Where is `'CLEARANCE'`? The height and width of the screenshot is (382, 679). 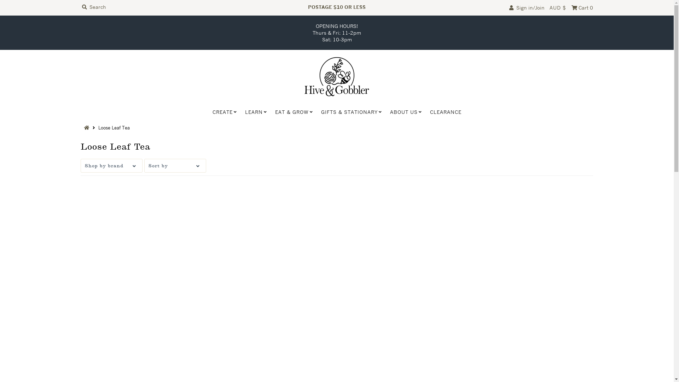 'CLEARANCE' is located at coordinates (445, 111).